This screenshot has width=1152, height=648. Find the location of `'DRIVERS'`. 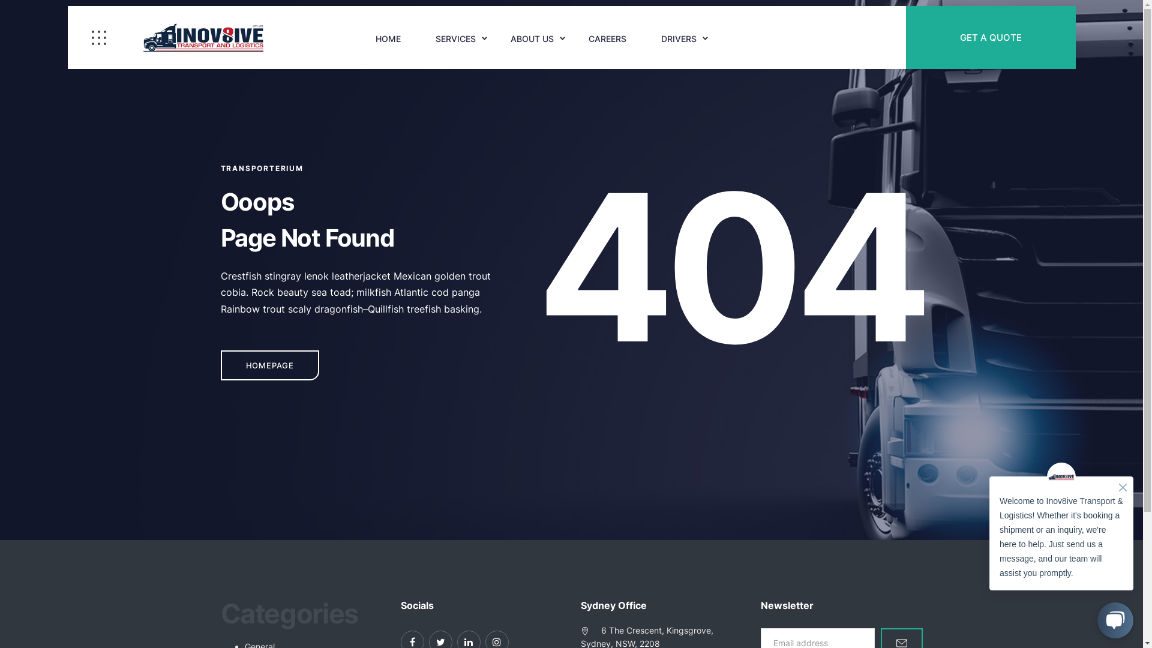

'DRIVERS' is located at coordinates (679, 38).